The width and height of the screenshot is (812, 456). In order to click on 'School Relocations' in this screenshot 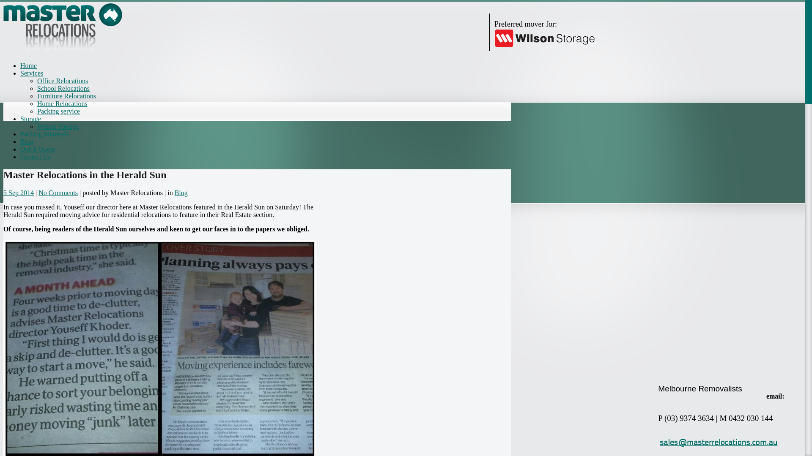, I will do `click(63, 88)`.